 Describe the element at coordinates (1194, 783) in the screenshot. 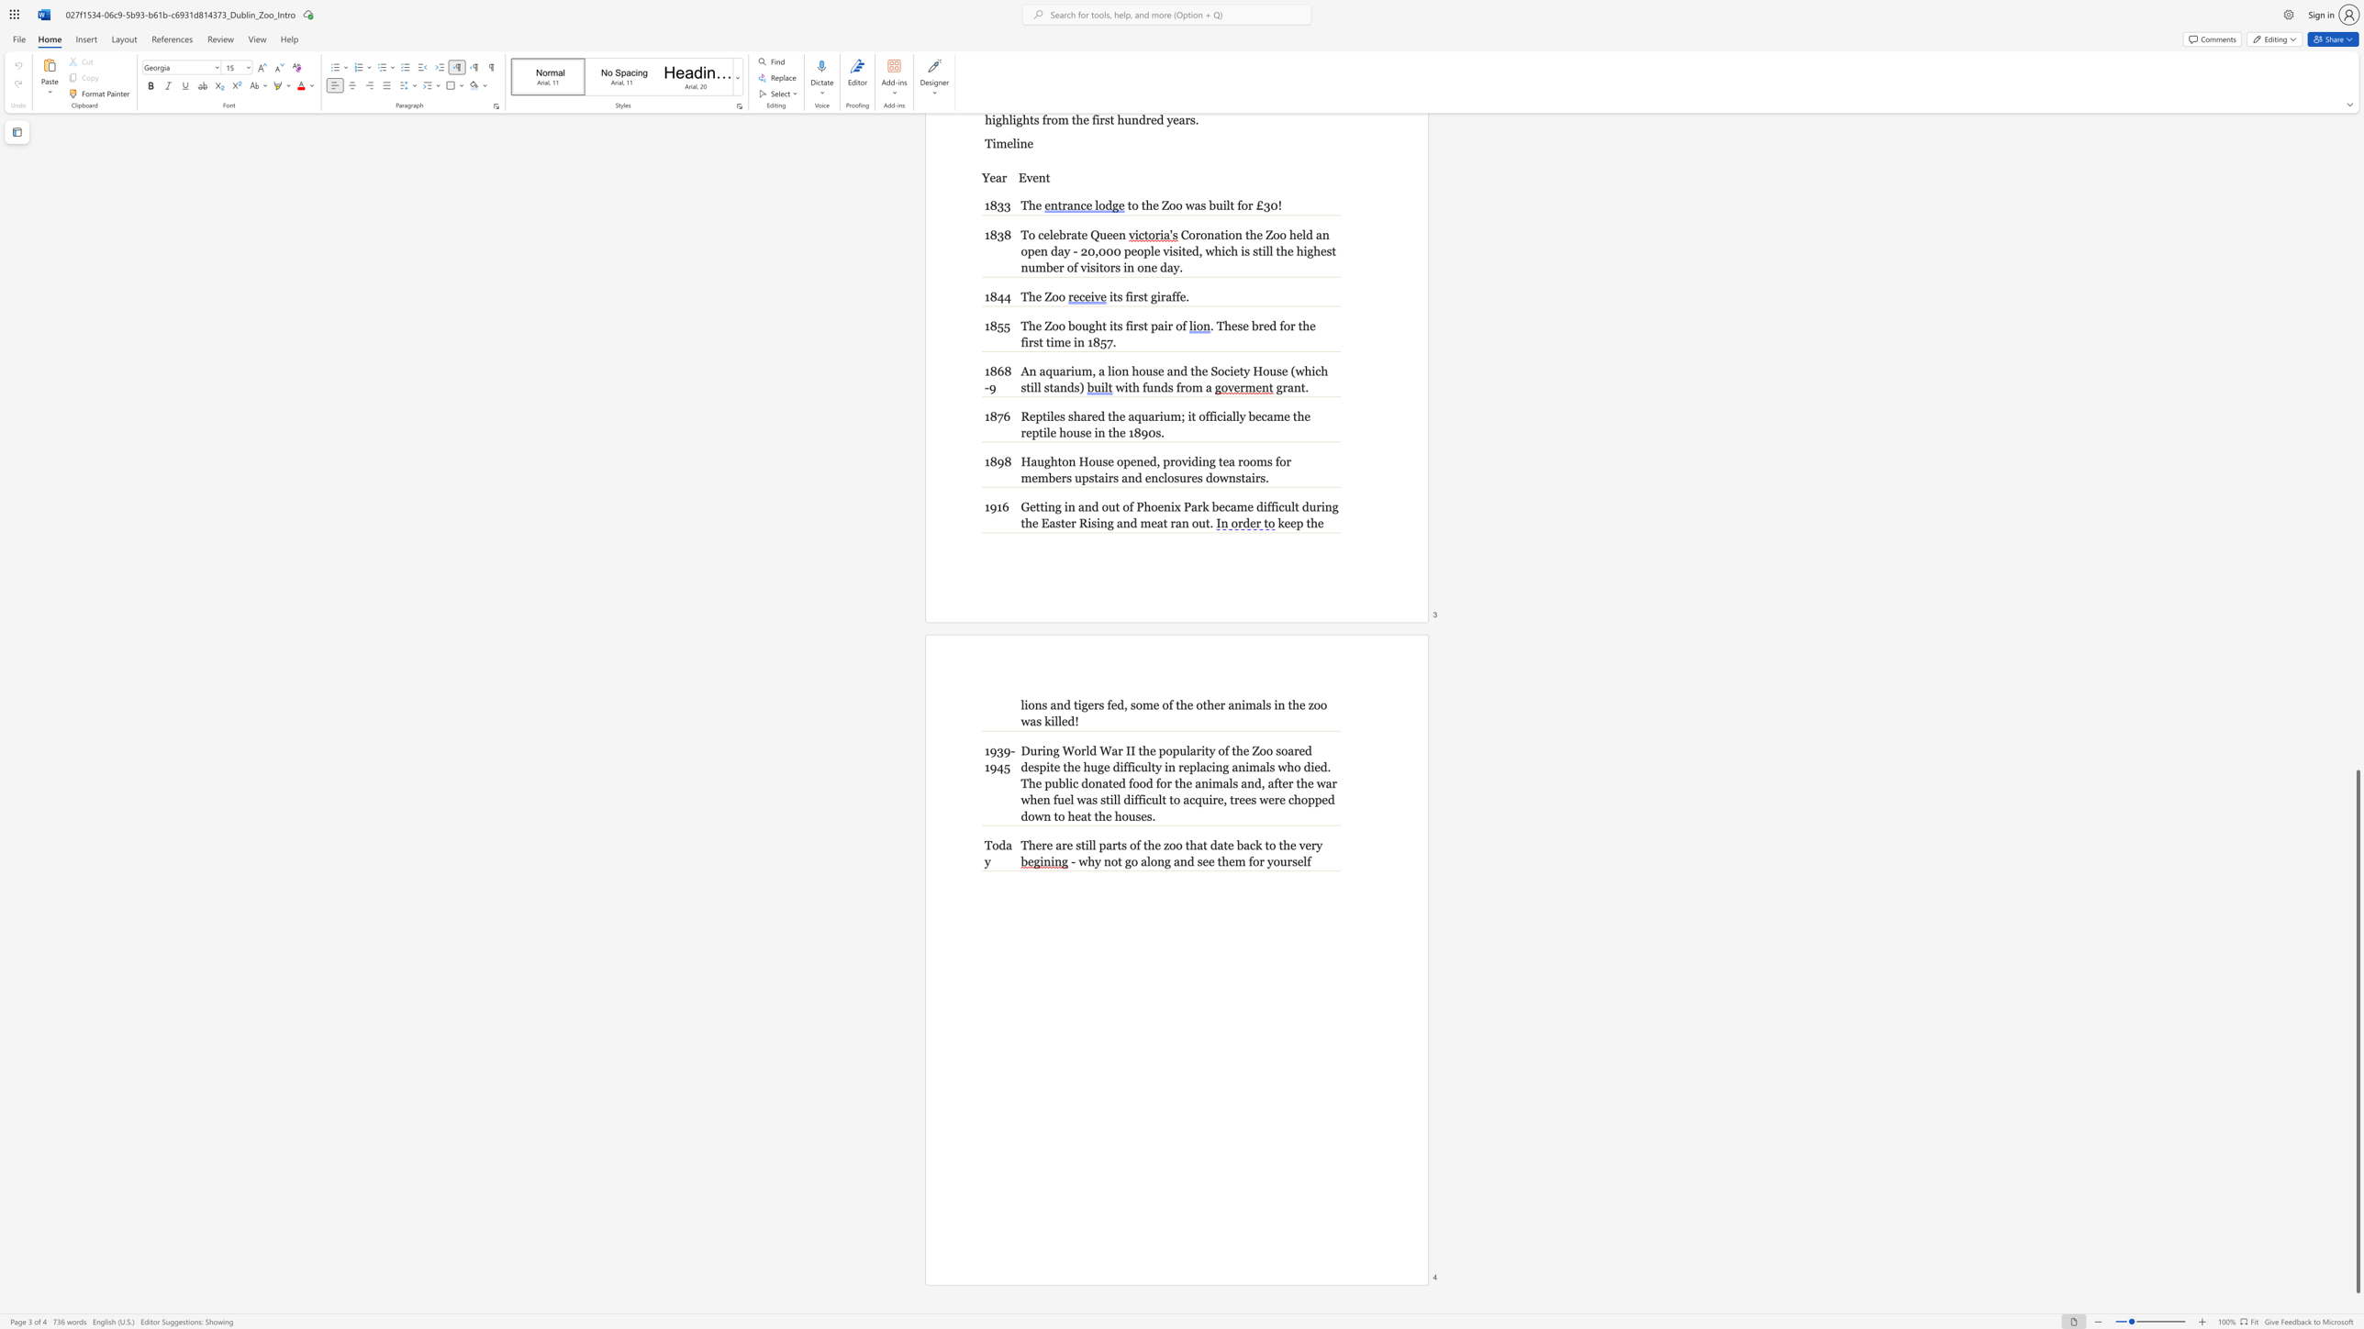

I see `the subset text "animals and, after the war when fuel was still difficult" within the text "for the animals and, after the war when fuel was still difficult to"` at that location.